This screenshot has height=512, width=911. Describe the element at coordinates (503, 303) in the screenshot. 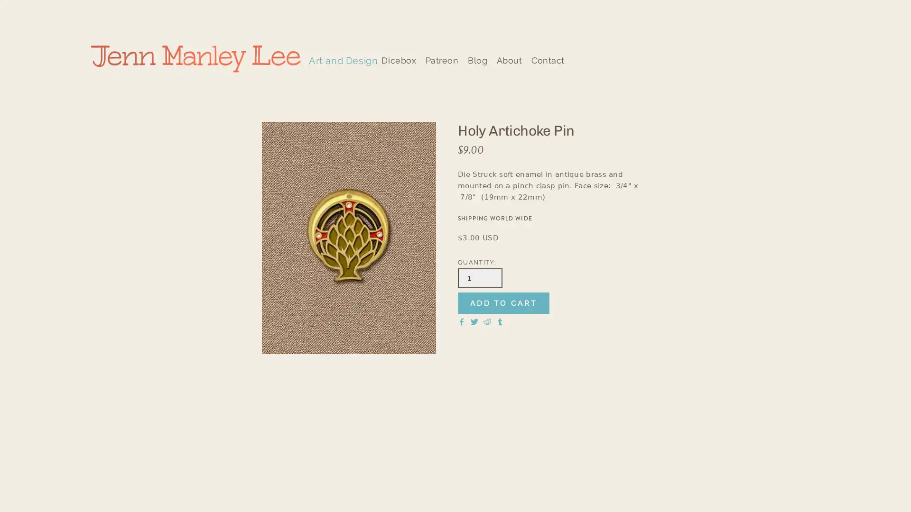

I see `ADD TO CART` at that location.